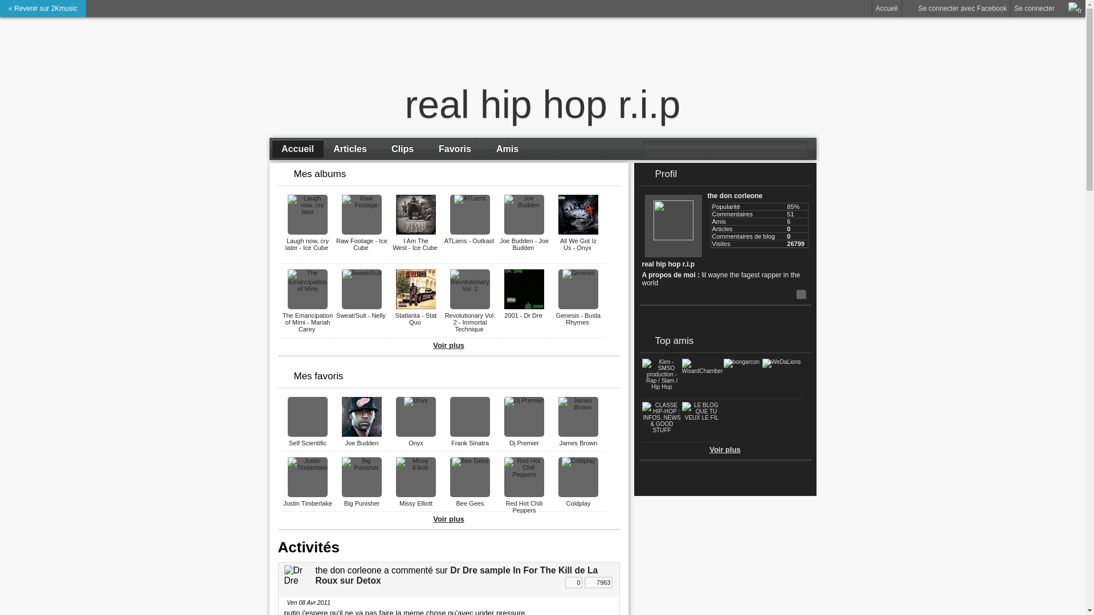  What do you see at coordinates (399, 502) in the screenshot?
I see `'Missy Elliott'` at bounding box center [399, 502].